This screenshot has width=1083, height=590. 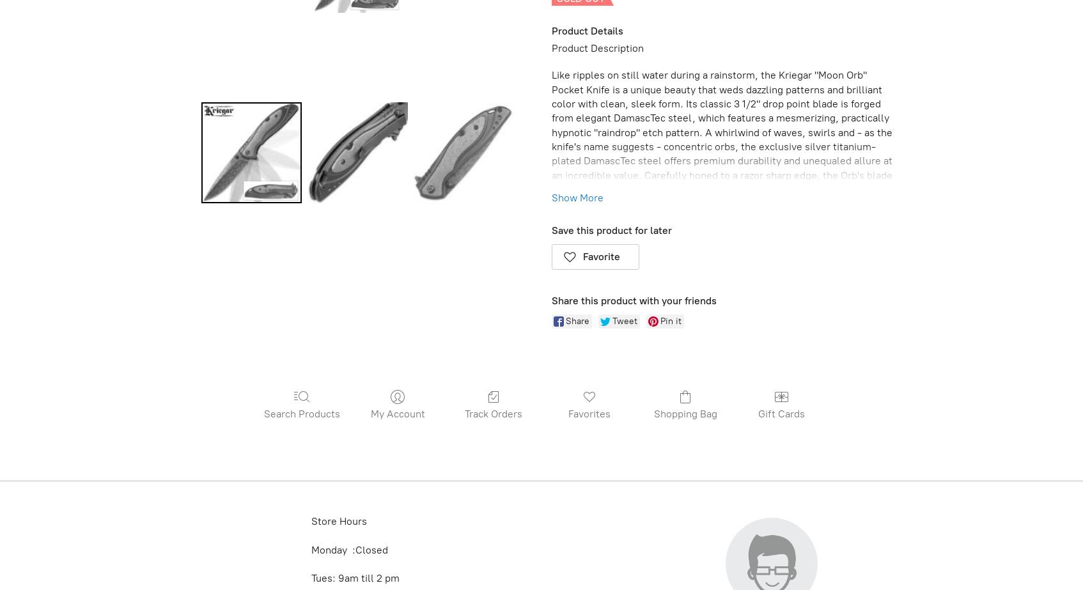 What do you see at coordinates (597, 47) in the screenshot?
I see `'Product Description'` at bounding box center [597, 47].